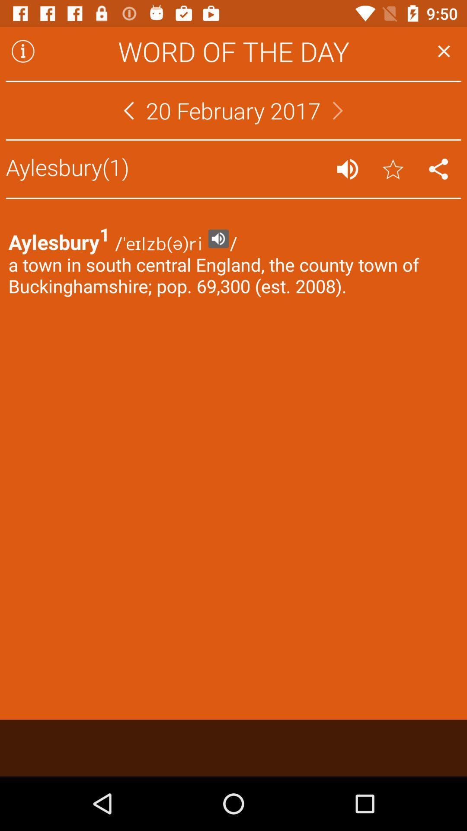  What do you see at coordinates (347, 169) in the screenshot?
I see `app to the right of aylesbury(1) app` at bounding box center [347, 169].